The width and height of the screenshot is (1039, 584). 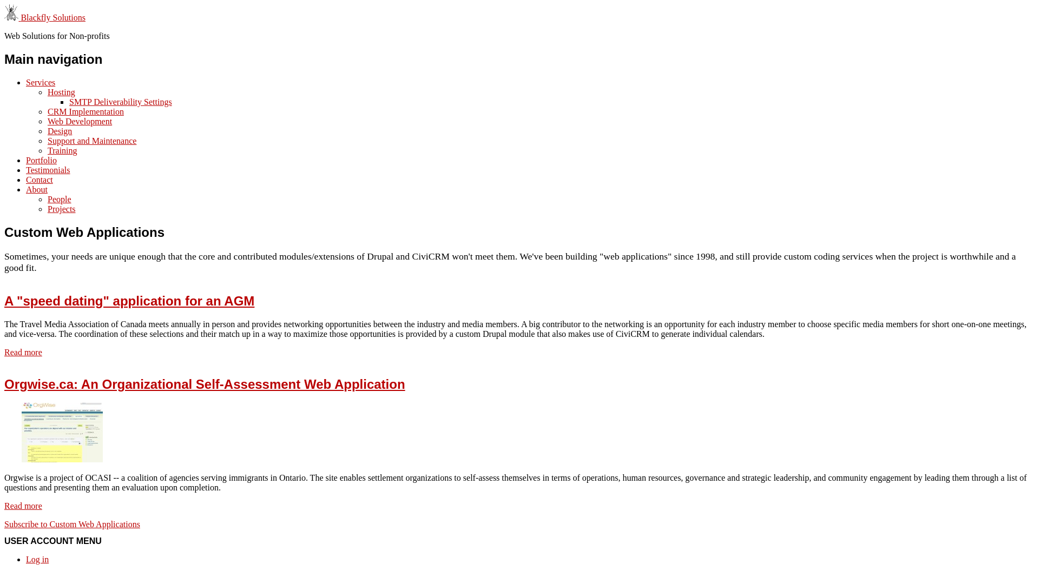 I want to click on 'People', so click(x=59, y=199).